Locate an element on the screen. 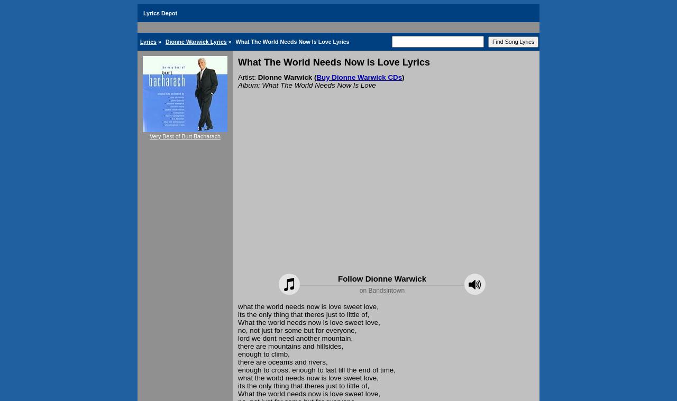 This screenshot has height=401, width=677. 'Very Best of Burt Bacharach' is located at coordinates (149, 135).